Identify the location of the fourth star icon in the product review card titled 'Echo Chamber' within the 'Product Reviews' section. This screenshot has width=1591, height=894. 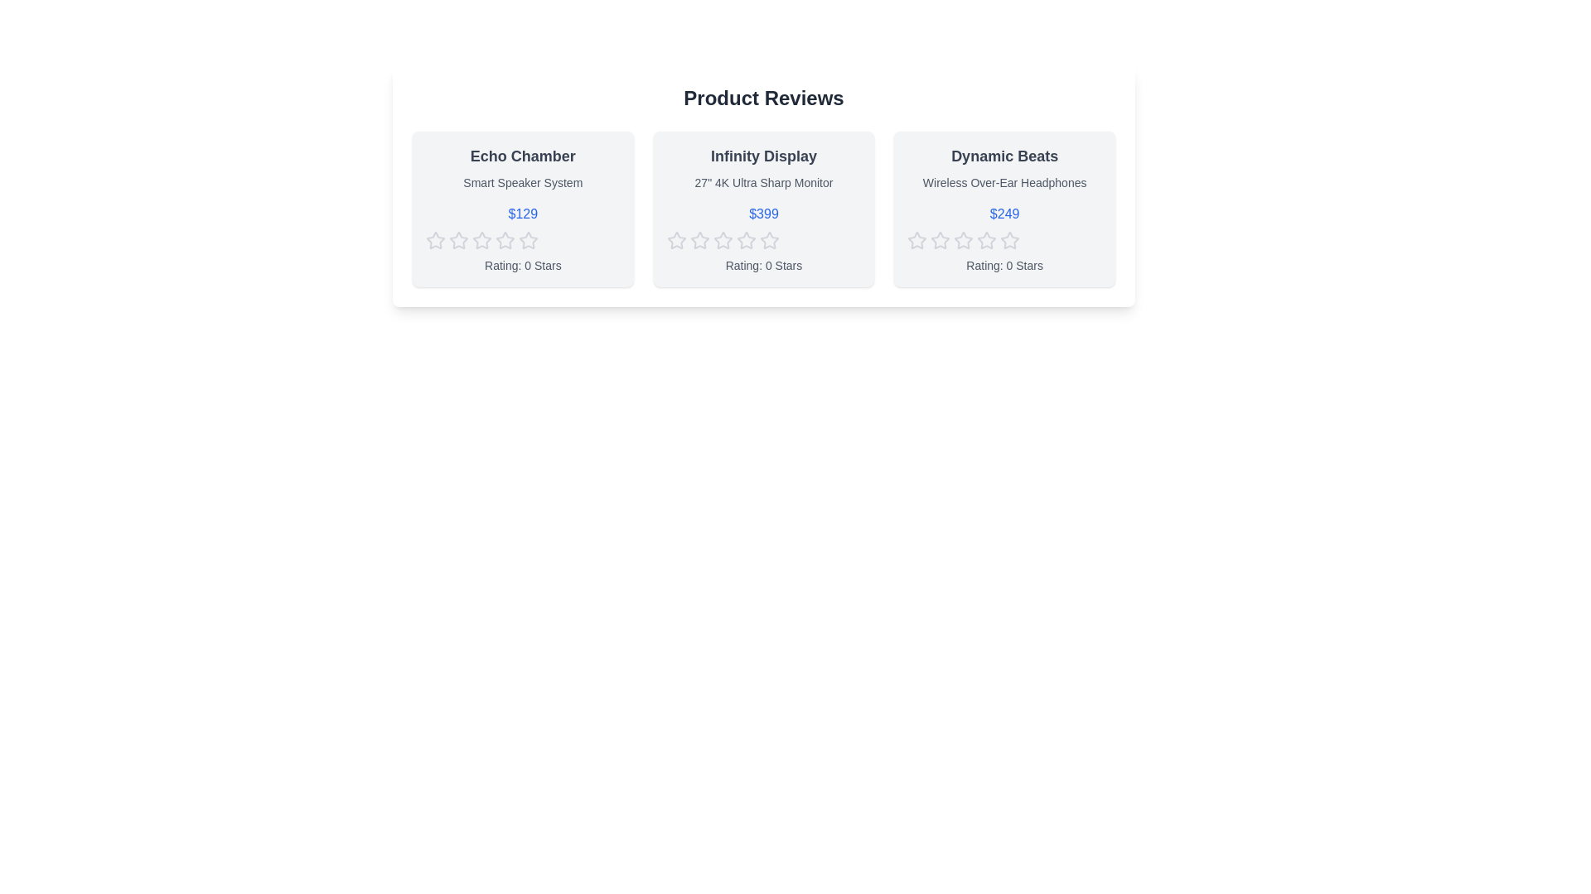
(528, 240).